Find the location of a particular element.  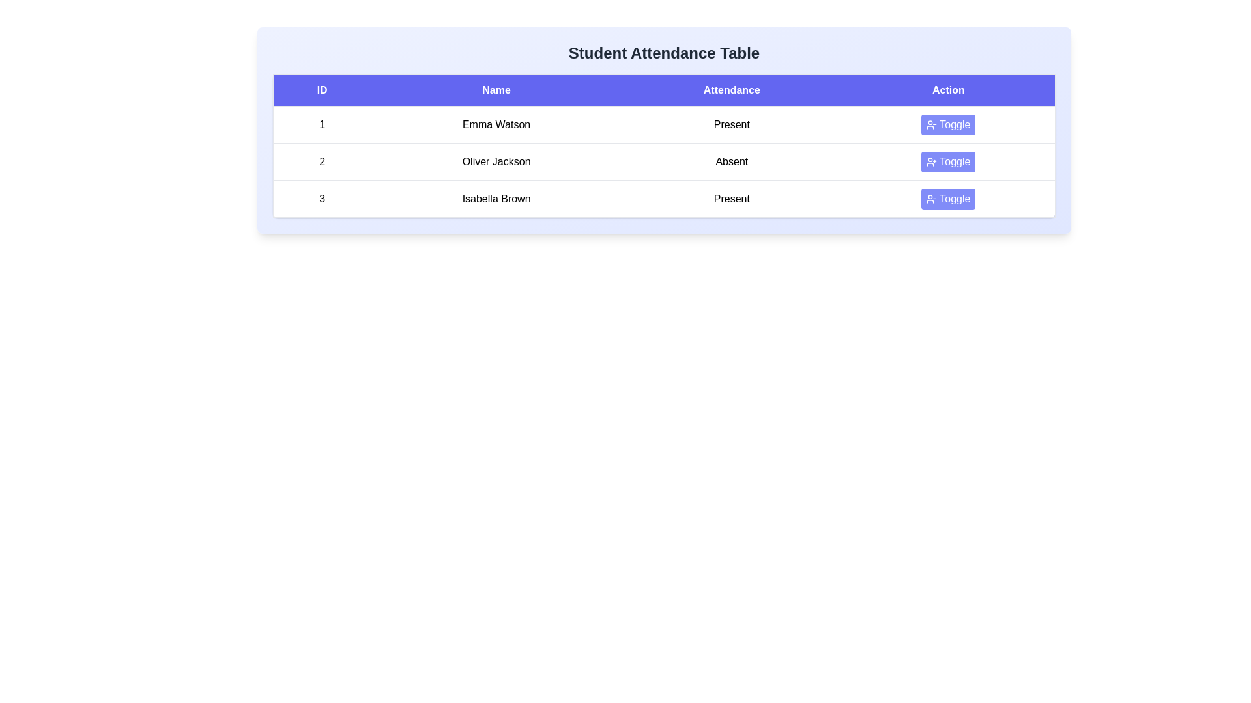

the table cell displaying the numeral '3' in the 'ID' column of the last row corresponding to 'Isabella Brown' is located at coordinates (322, 199).